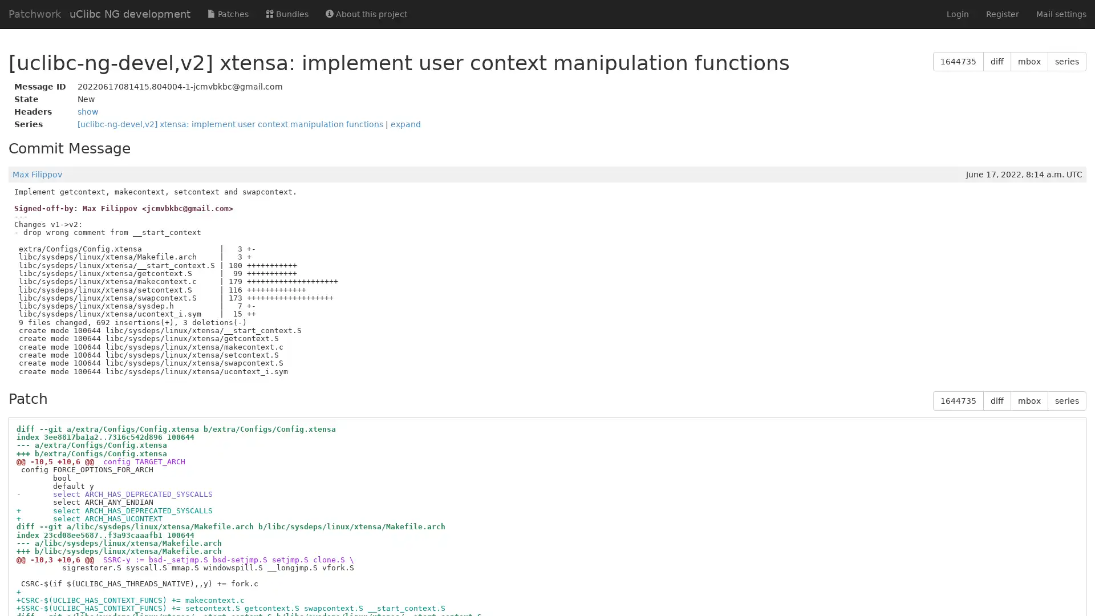 This screenshot has width=1095, height=616. I want to click on 1644735, so click(958, 400).